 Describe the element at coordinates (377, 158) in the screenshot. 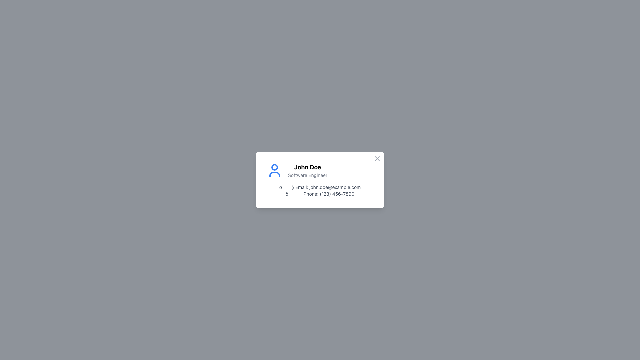

I see `the Close Icon (Interactive Graphic) located in the top-right corner of the user information card to provide visual feedback` at that location.